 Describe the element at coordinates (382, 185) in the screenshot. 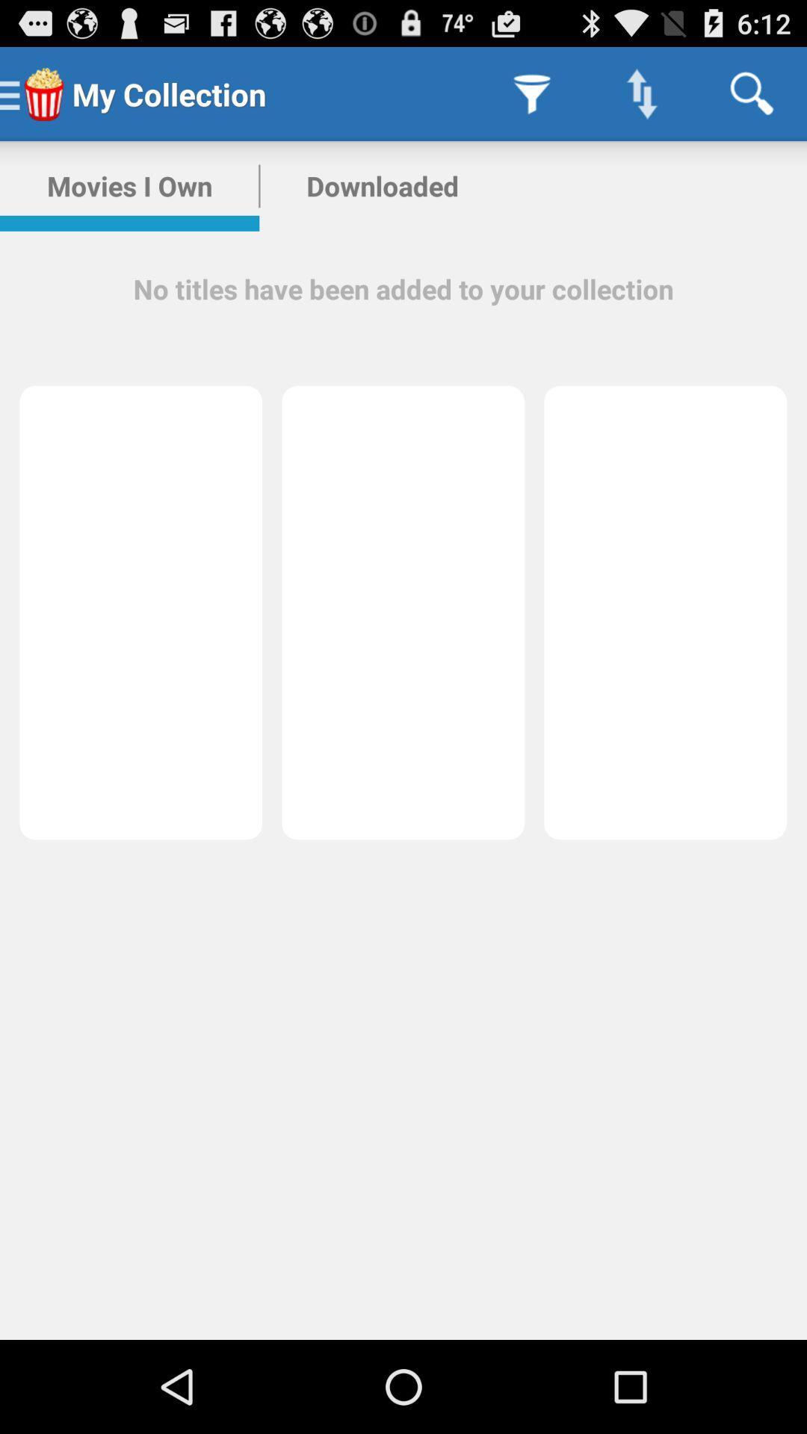

I see `downloaded app` at that location.